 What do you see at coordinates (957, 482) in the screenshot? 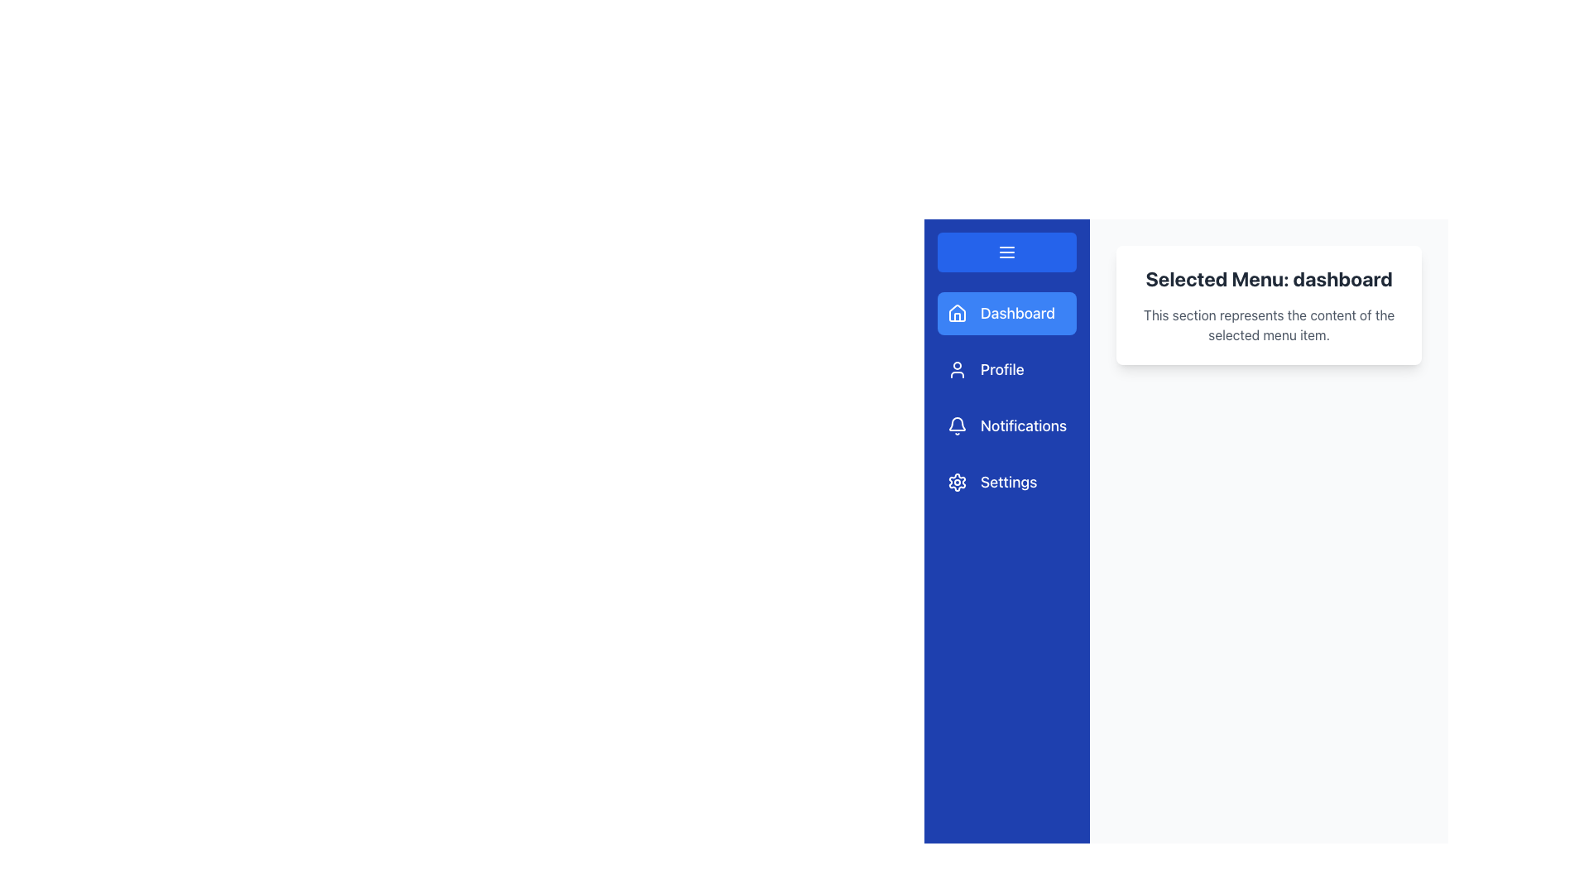
I see `the 'Settings' icon located in the vertical navigation menu on the bottom right of the blue sidebar, which indicates configuration options` at bounding box center [957, 482].